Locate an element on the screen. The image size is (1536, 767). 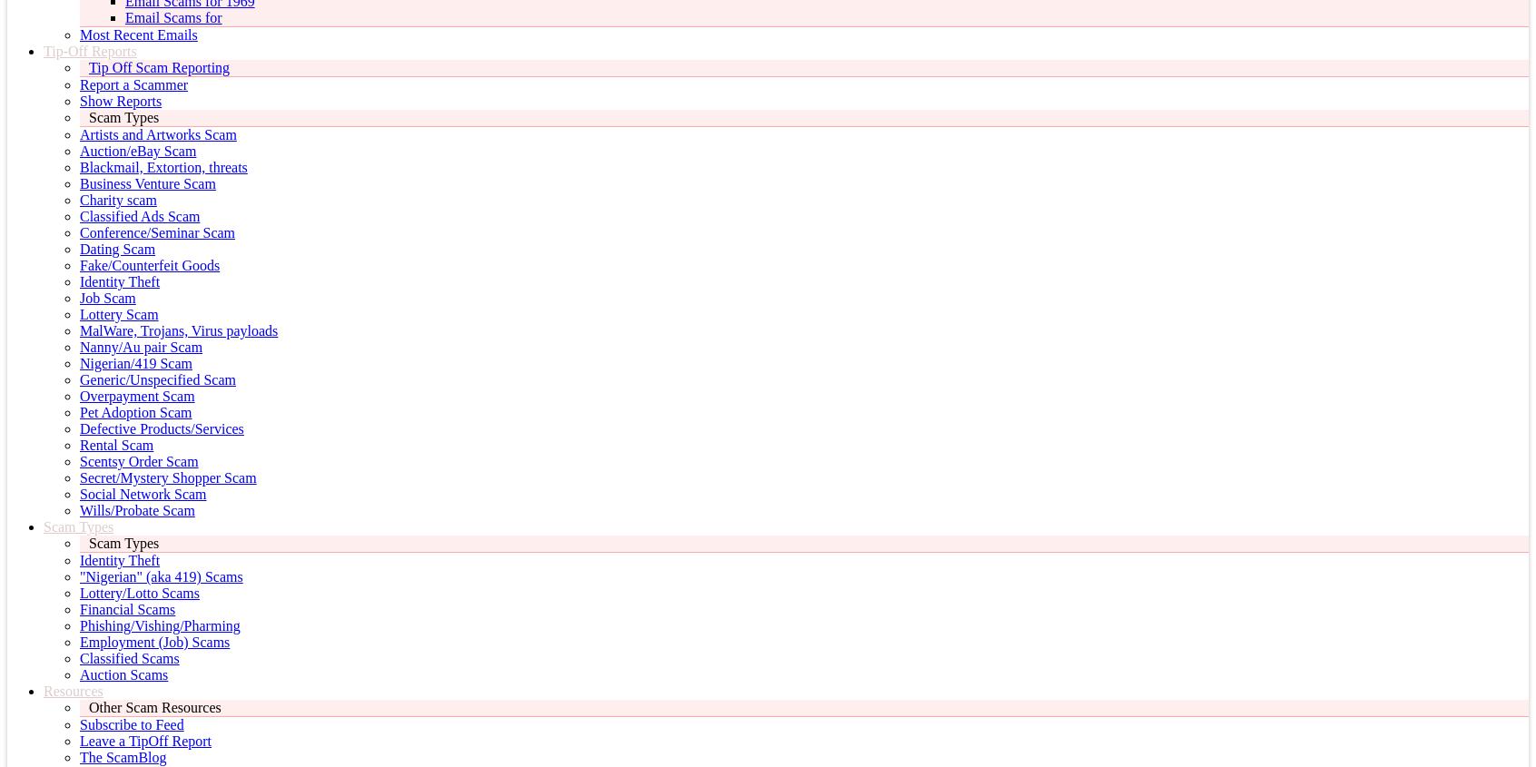
'Email Scams for' is located at coordinates (125, 16).